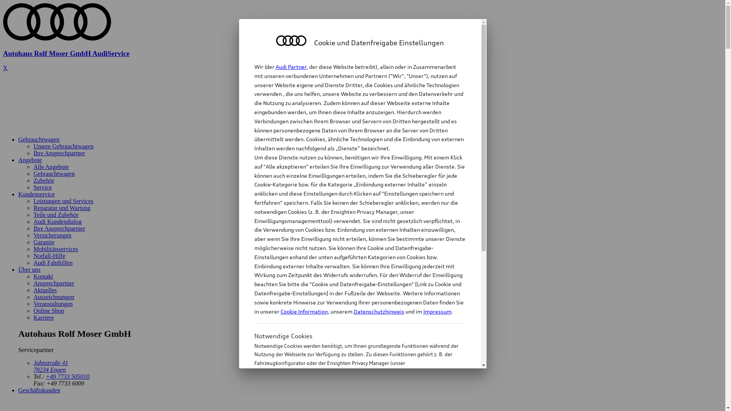  What do you see at coordinates (33, 174) in the screenshot?
I see `'Gebrauchtwagen'` at bounding box center [33, 174].